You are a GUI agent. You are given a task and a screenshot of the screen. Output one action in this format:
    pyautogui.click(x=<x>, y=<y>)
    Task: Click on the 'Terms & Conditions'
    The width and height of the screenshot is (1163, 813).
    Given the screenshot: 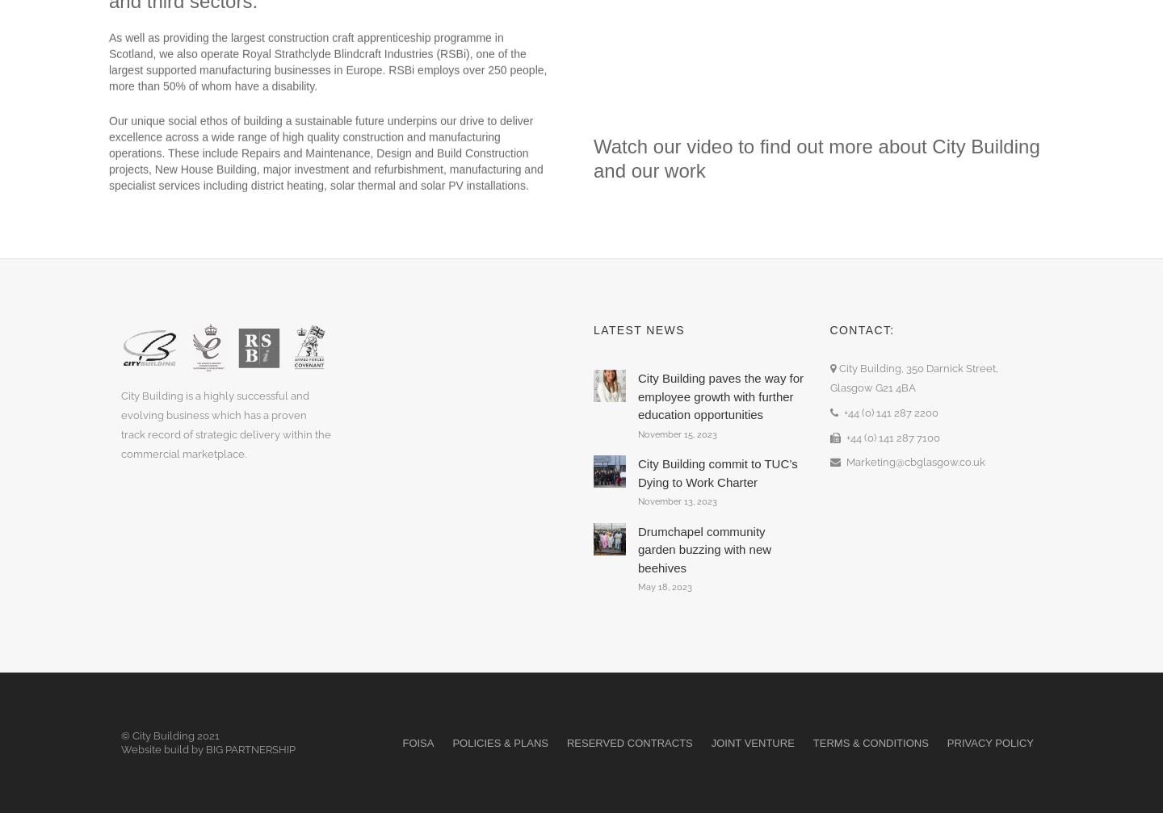 What is the action you would take?
    pyautogui.click(x=811, y=741)
    